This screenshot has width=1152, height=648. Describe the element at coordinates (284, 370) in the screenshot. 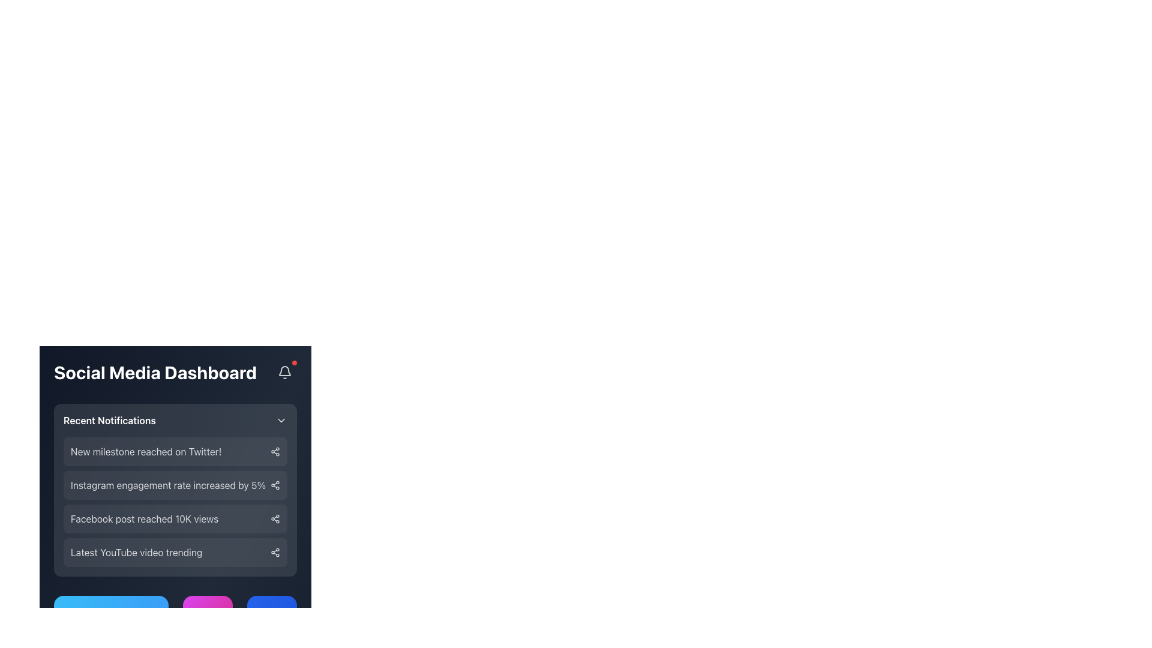

I see `the notification icon located at the top-right corner of the interface, indicating updates or events requiring attention` at that location.